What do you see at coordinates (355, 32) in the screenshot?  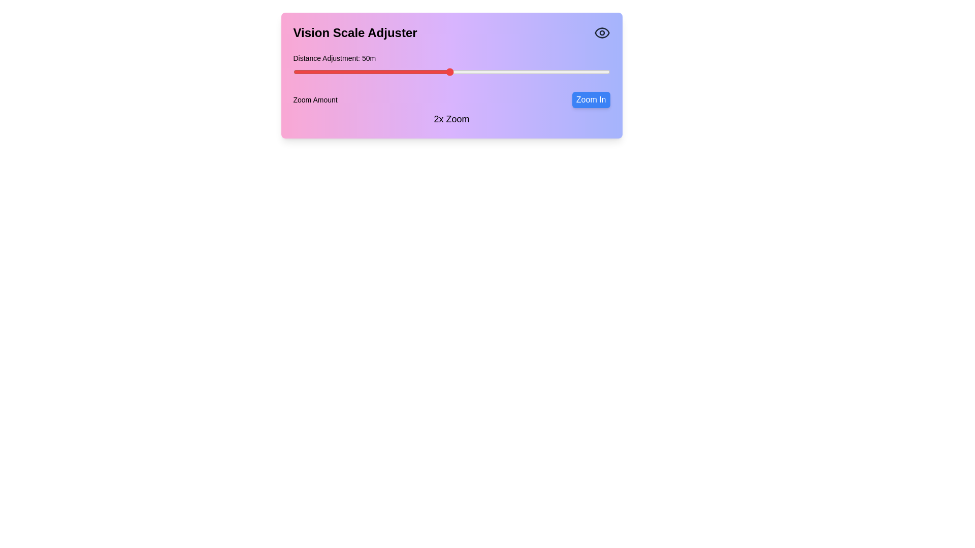 I see `the 'Vision Scale Adjuster' text header, which is a bold and large title displayed at the top of a pink-to-purple gradient background card` at bounding box center [355, 32].